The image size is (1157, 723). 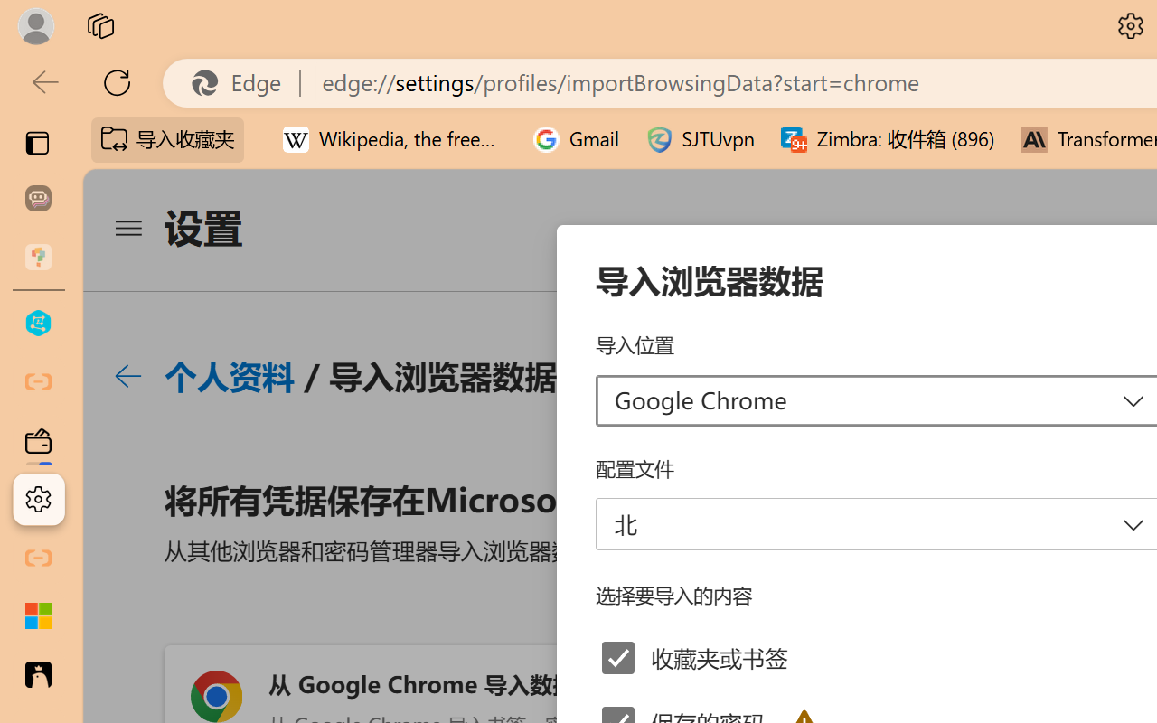 I want to click on 'Class: c01179', so click(x=127, y=376).